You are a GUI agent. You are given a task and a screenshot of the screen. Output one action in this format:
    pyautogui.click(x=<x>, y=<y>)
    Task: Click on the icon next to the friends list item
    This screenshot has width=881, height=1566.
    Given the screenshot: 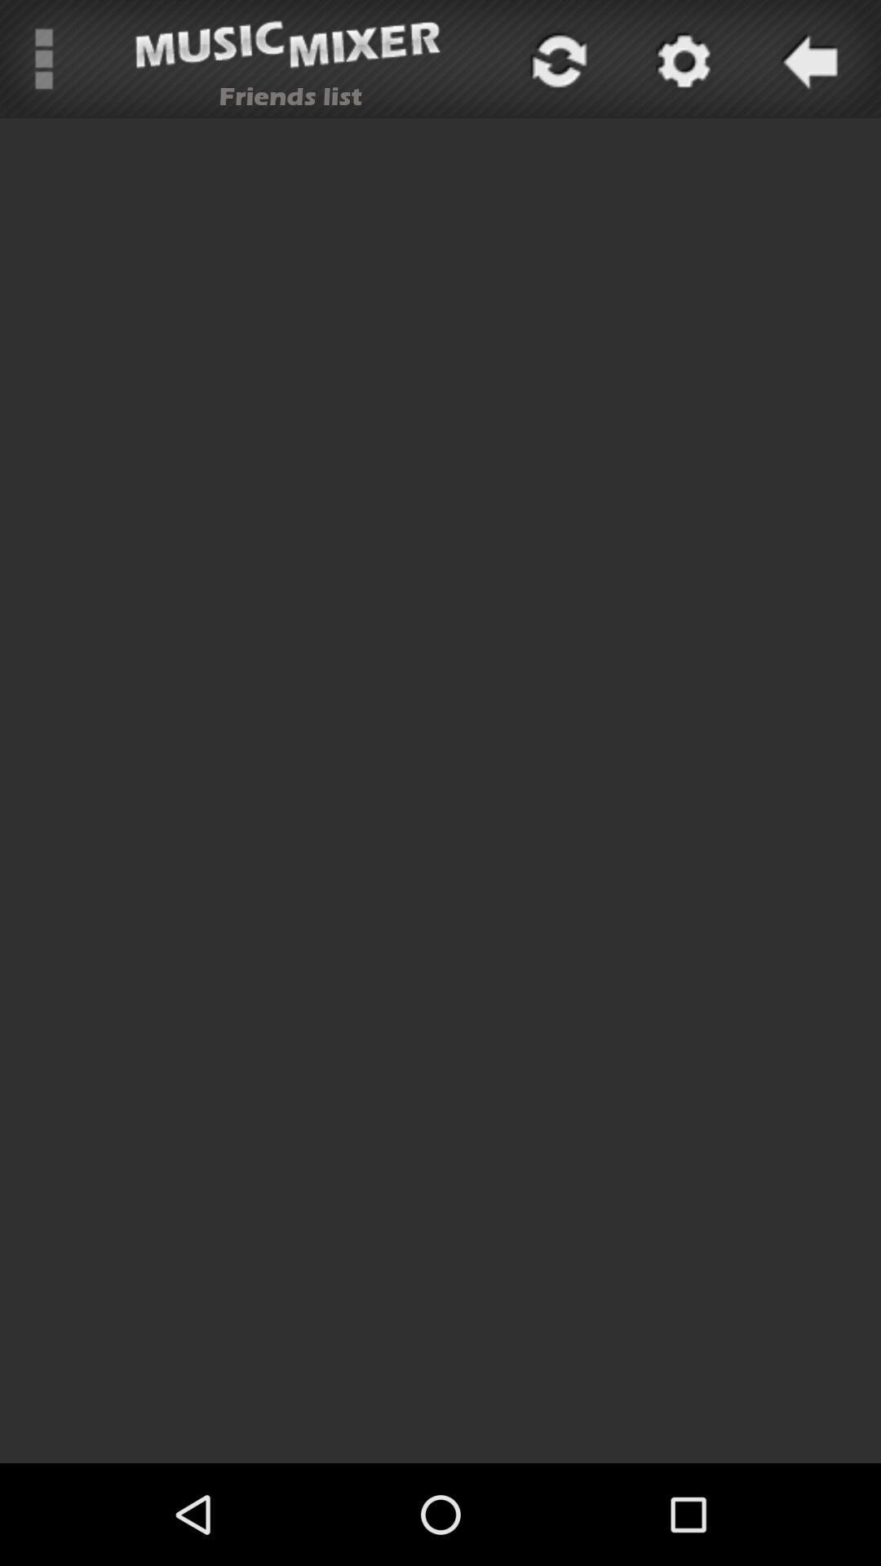 What is the action you would take?
    pyautogui.click(x=556, y=59)
    